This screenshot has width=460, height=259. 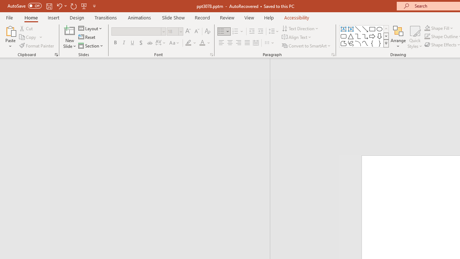 I want to click on 'Italic', so click(x=124, y=43).